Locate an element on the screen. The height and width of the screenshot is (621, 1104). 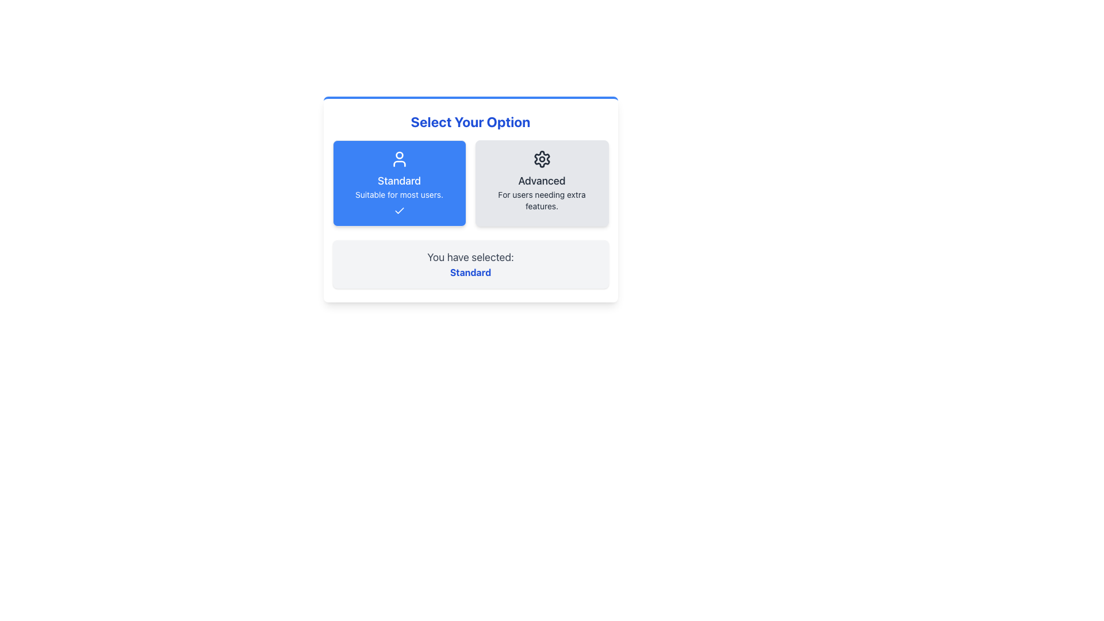
the title text for the 'Standard' option, which is located prominently at the top center of the interface, underneath an icon of a person and above the descriptive text 'Suitable for most users.' is located at coordinates (399, 181).